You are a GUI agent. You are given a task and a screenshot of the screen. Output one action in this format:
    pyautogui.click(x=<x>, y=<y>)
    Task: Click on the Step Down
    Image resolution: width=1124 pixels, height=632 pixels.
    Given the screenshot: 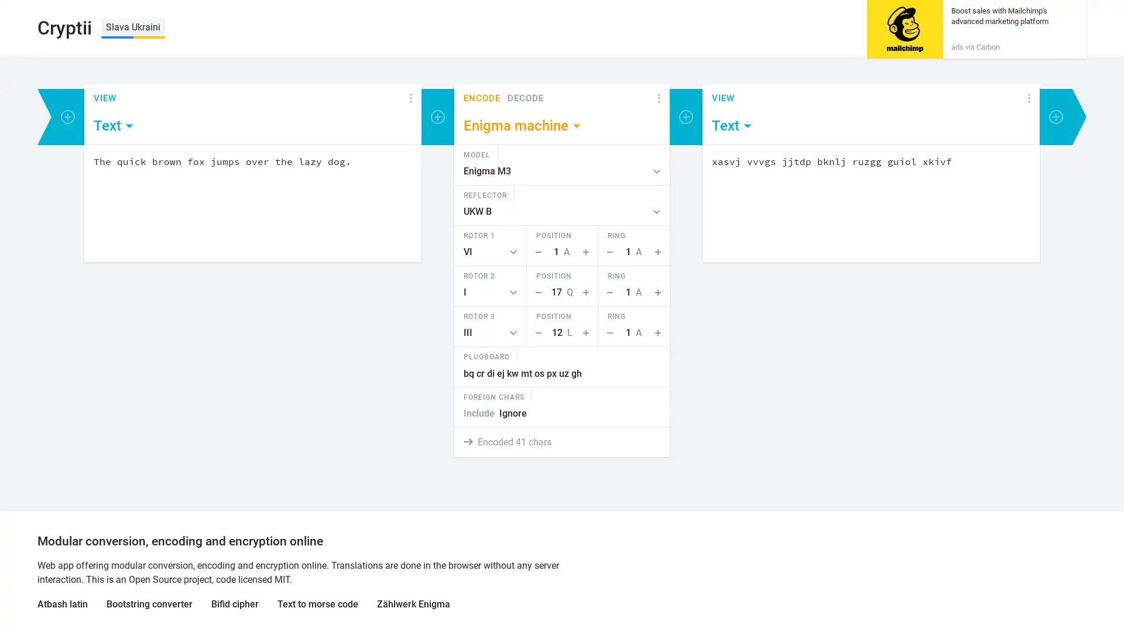 What is the action you would take?
    pyautogui.click(x=535, y=333)
    